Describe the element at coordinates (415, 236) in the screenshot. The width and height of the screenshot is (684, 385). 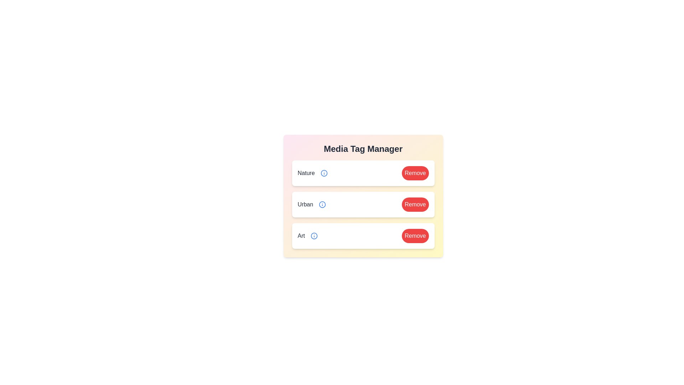
I see `'Remove' button for the tag Art` at that location.